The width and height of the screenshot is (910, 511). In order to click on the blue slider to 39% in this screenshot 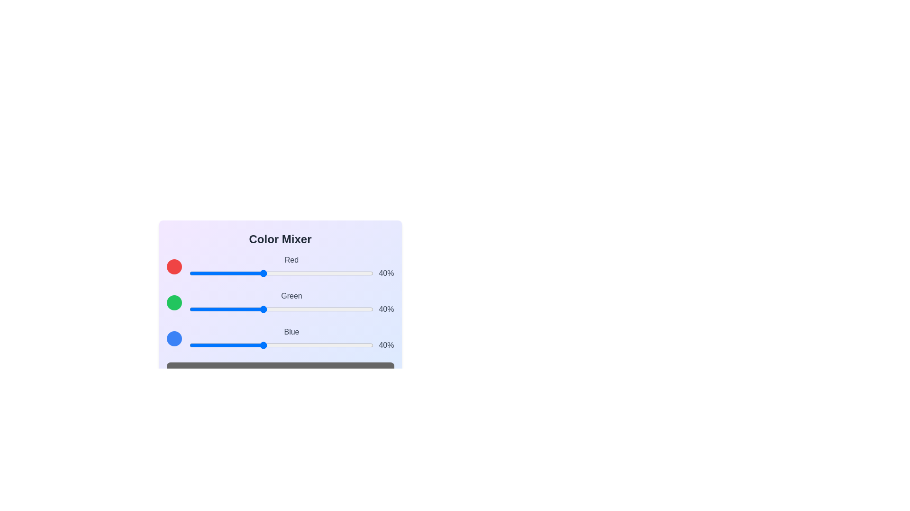, I will do `click(261, 345)`.